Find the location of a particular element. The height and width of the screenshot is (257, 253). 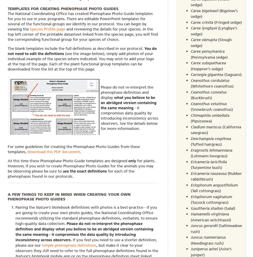

'download this PDF document' is located at coordinates (53, 151).